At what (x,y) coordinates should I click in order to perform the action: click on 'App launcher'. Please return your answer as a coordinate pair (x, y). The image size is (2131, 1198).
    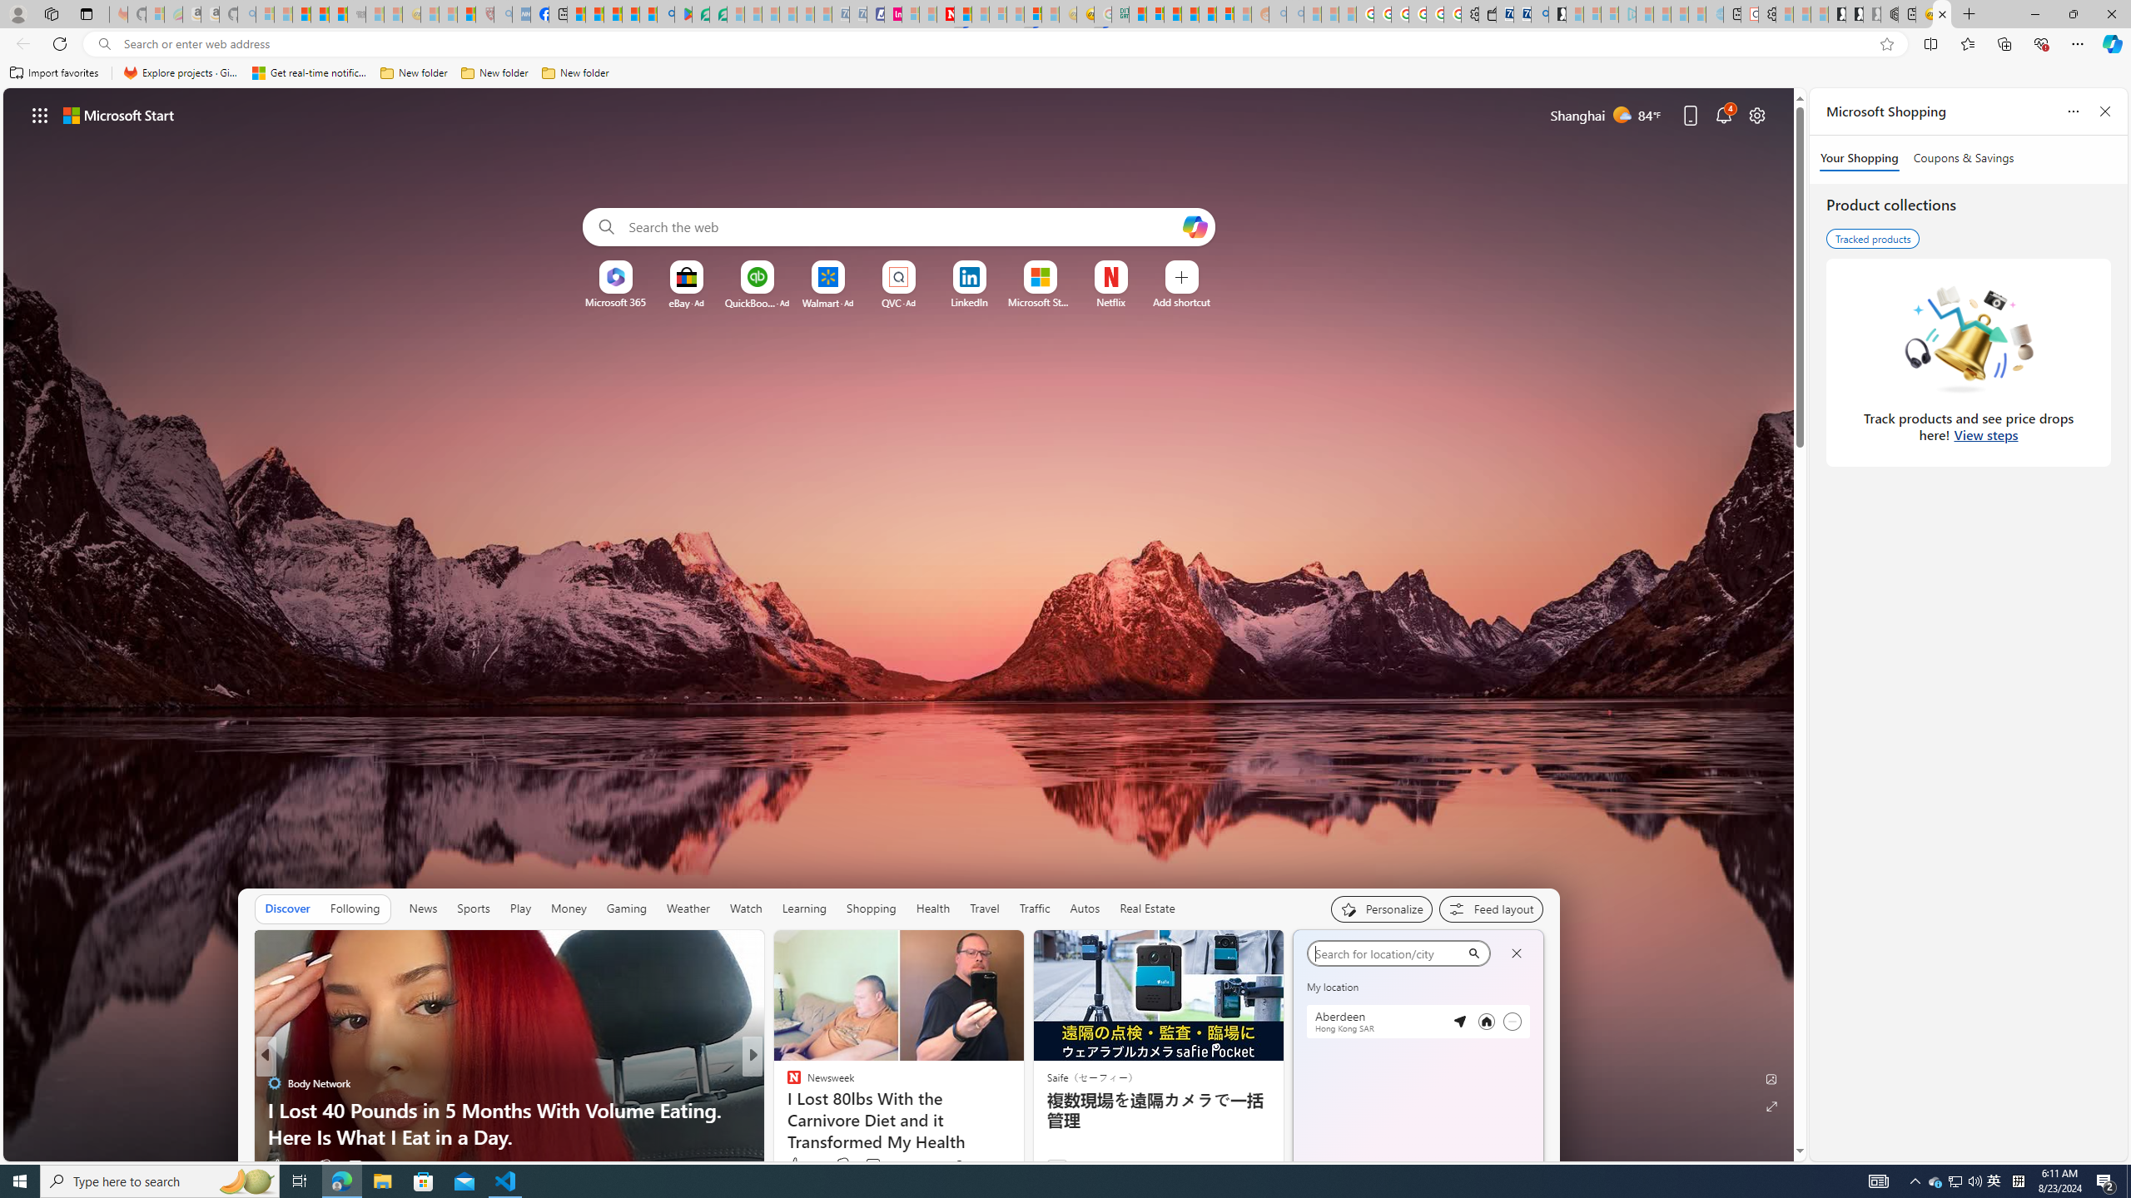
    Looking at the image, I should click on (40, 114).